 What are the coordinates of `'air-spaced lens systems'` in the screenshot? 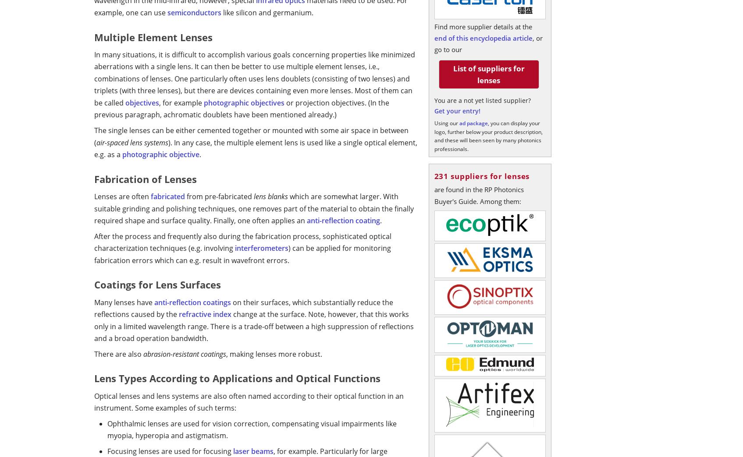 It's located at (132, 141).